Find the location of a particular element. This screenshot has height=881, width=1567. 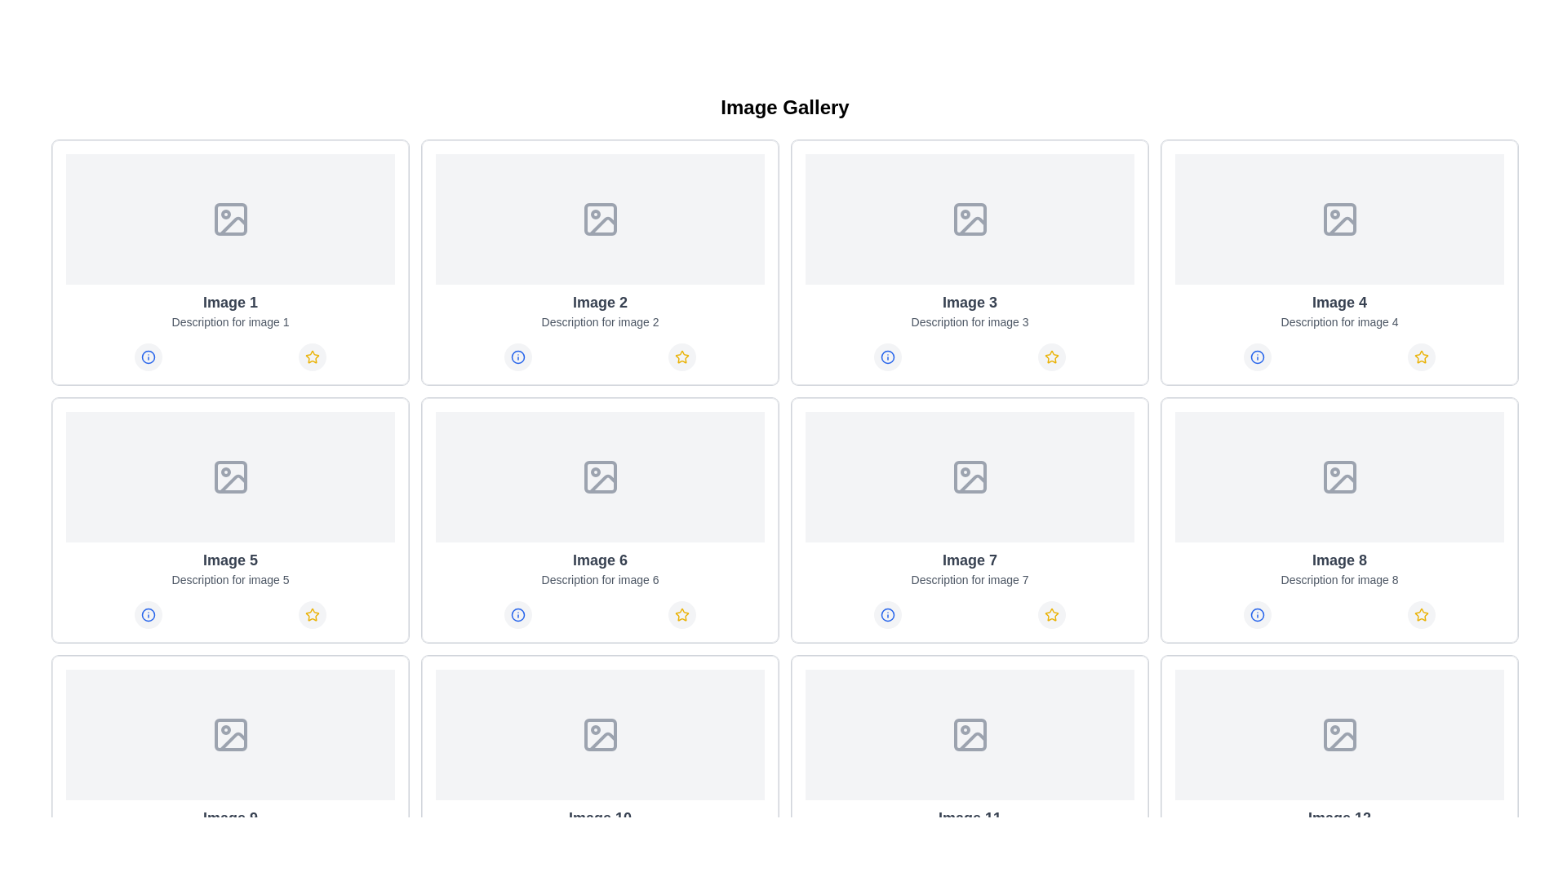

the decorative graphic element located within the second image's pictogram in the upper area of the gallery is located at coordinates (601, 226).